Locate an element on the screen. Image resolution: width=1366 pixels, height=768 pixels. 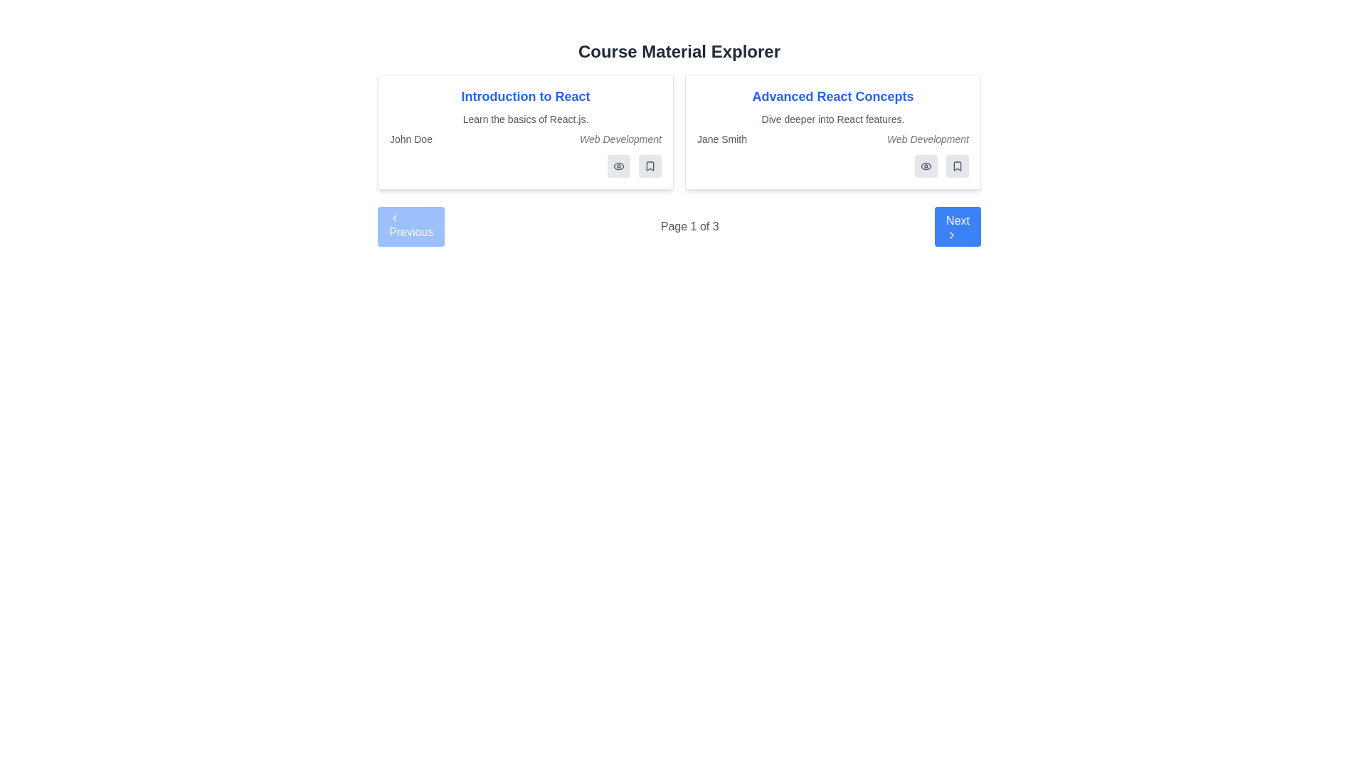
the first button located at the bottom right of the 'Introduction to React' card is located at coordinates (618, 166).